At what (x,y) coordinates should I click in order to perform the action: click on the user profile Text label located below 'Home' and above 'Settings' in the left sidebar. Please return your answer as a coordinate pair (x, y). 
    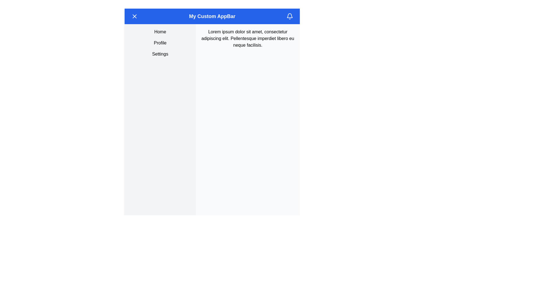
    Looking at the image, I should click on (160, 42).